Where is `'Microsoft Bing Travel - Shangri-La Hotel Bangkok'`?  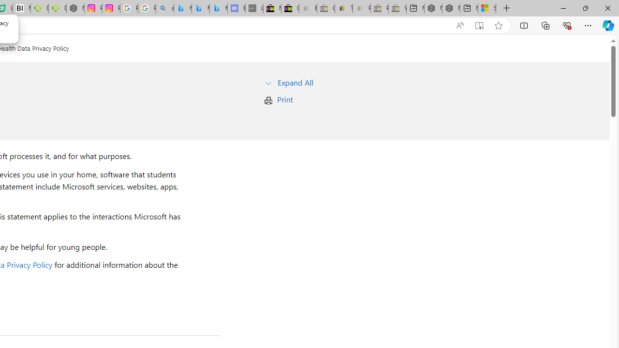
'Microsoft Bing Travel - Shangri-La Hotel Bangkok' is located at coordinates (218, 8).